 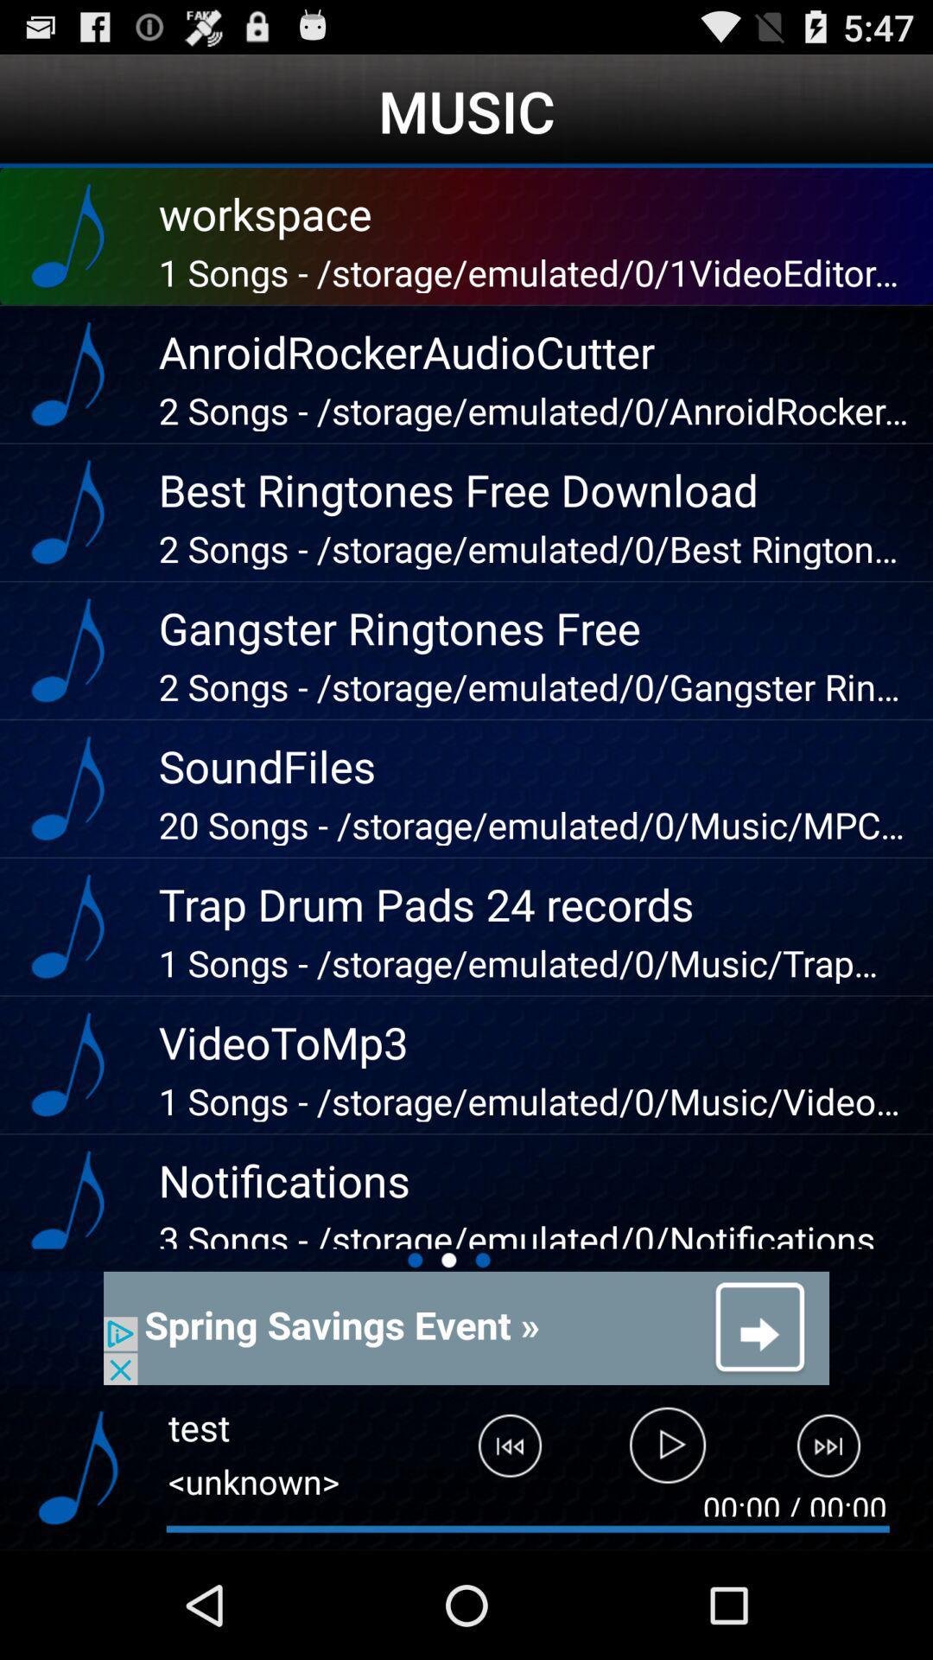 What do you see at coordinates (667, 1555) in the screenshot?
I see `the play icon` at bounding box center [667, 1555].